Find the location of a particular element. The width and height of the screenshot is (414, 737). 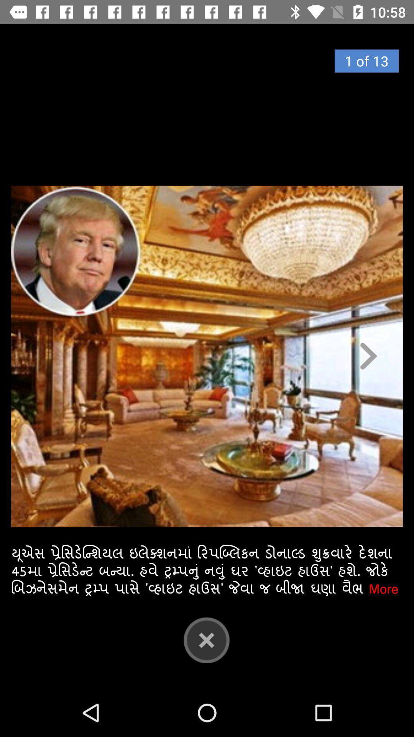

the close icon is located at coordinates (206, 640).